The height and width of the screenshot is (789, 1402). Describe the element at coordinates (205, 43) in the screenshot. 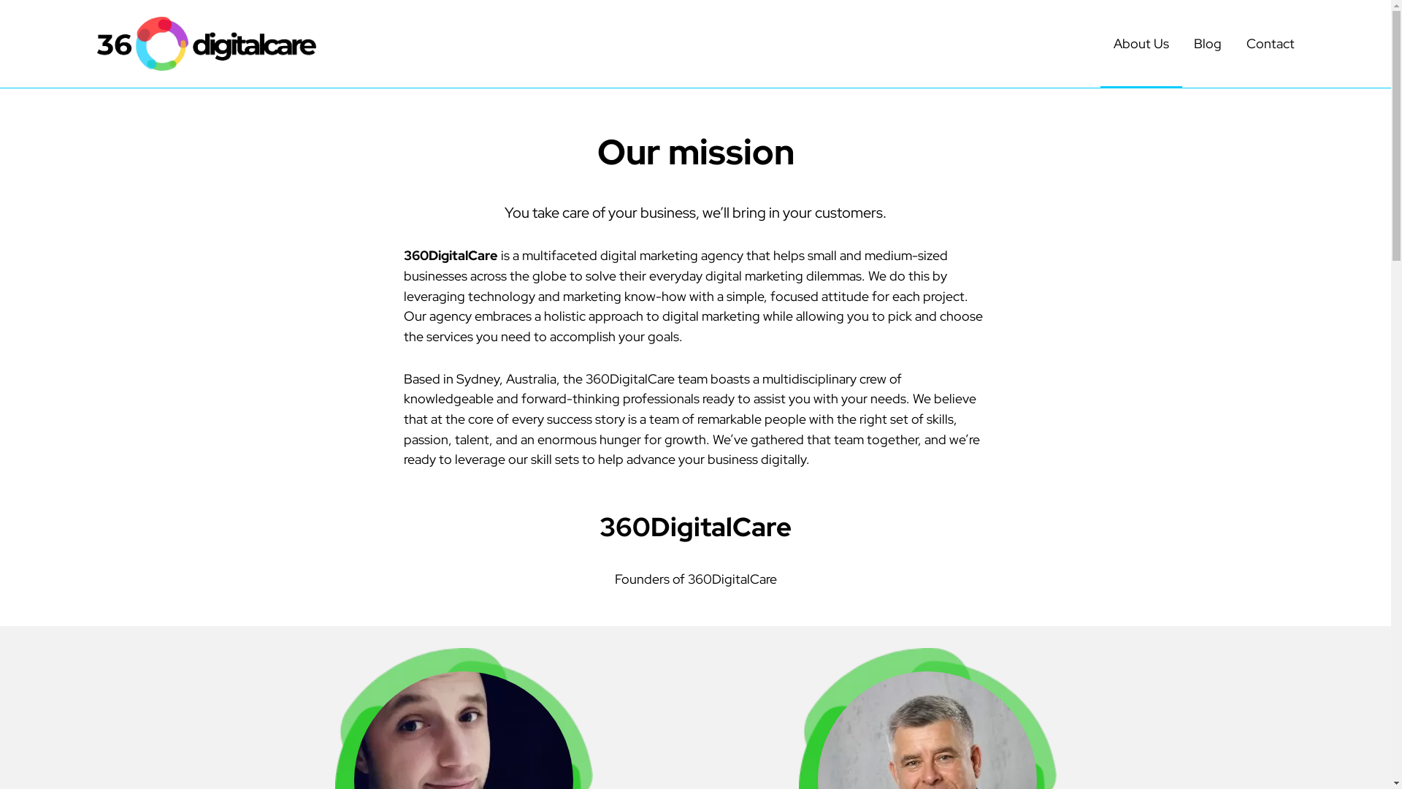

I see `'360 Digital Care'` at that location.